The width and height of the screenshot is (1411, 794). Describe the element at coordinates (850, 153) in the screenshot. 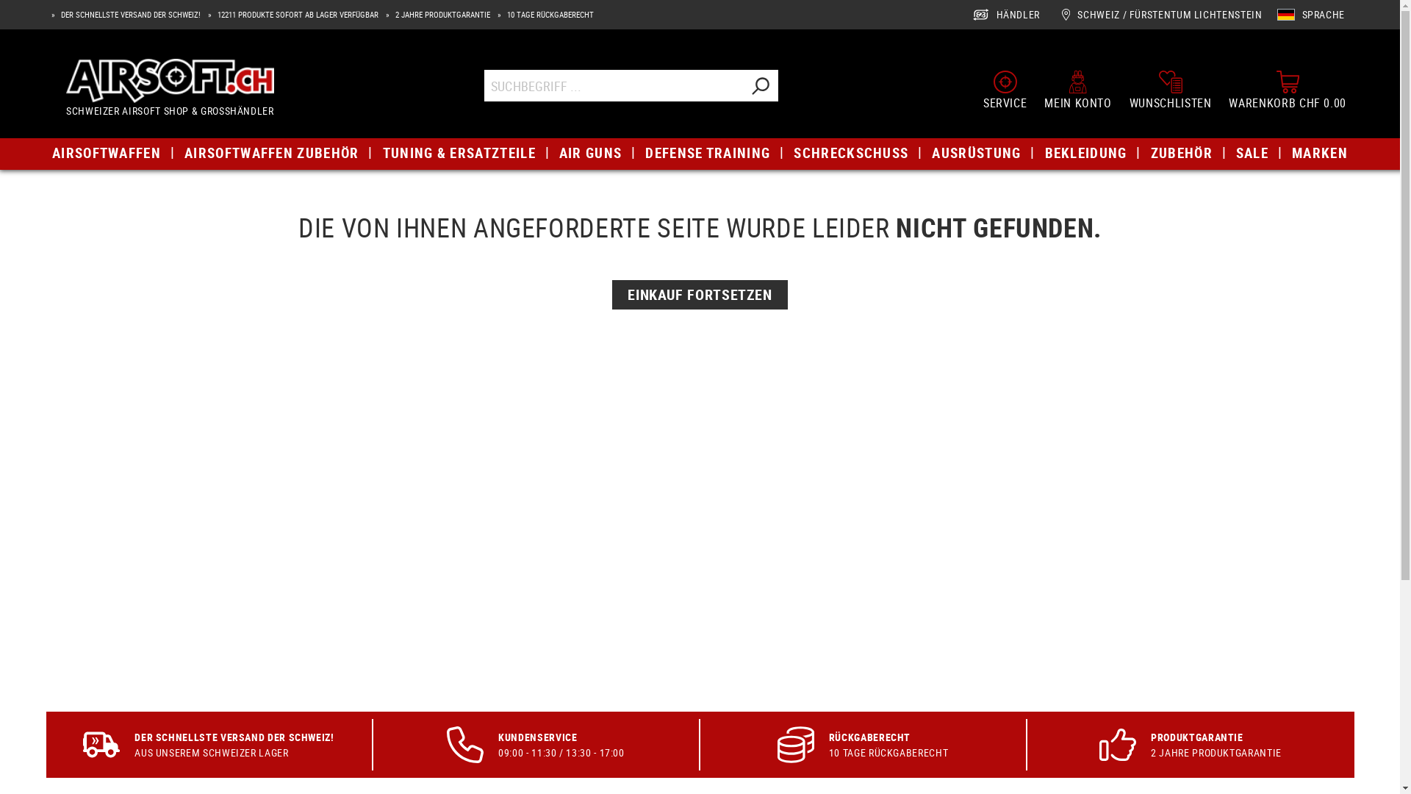

I see `'SCHRECKSCHUSS'` at that location.